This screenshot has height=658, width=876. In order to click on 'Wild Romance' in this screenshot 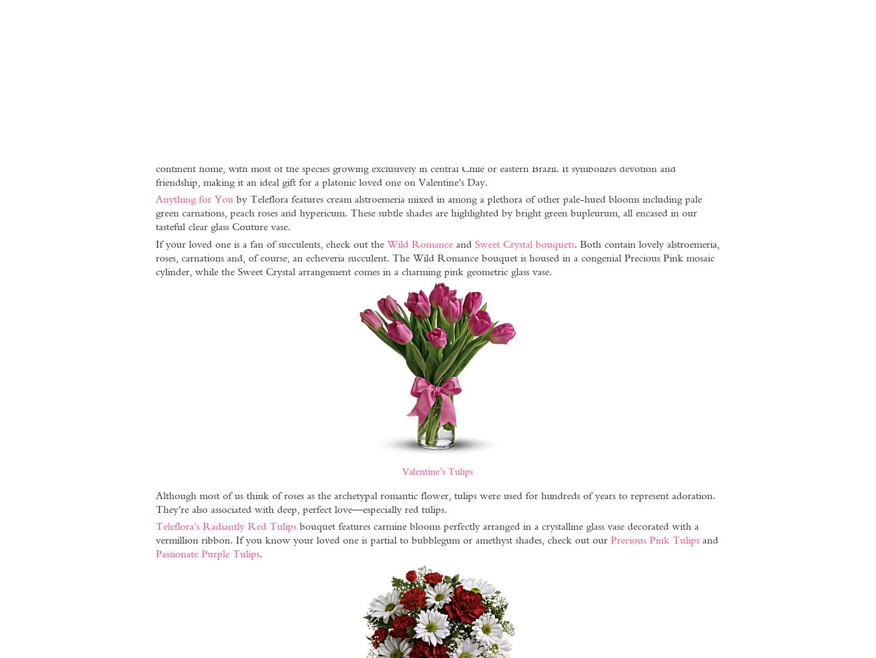, I will do `click(419, 243)`.